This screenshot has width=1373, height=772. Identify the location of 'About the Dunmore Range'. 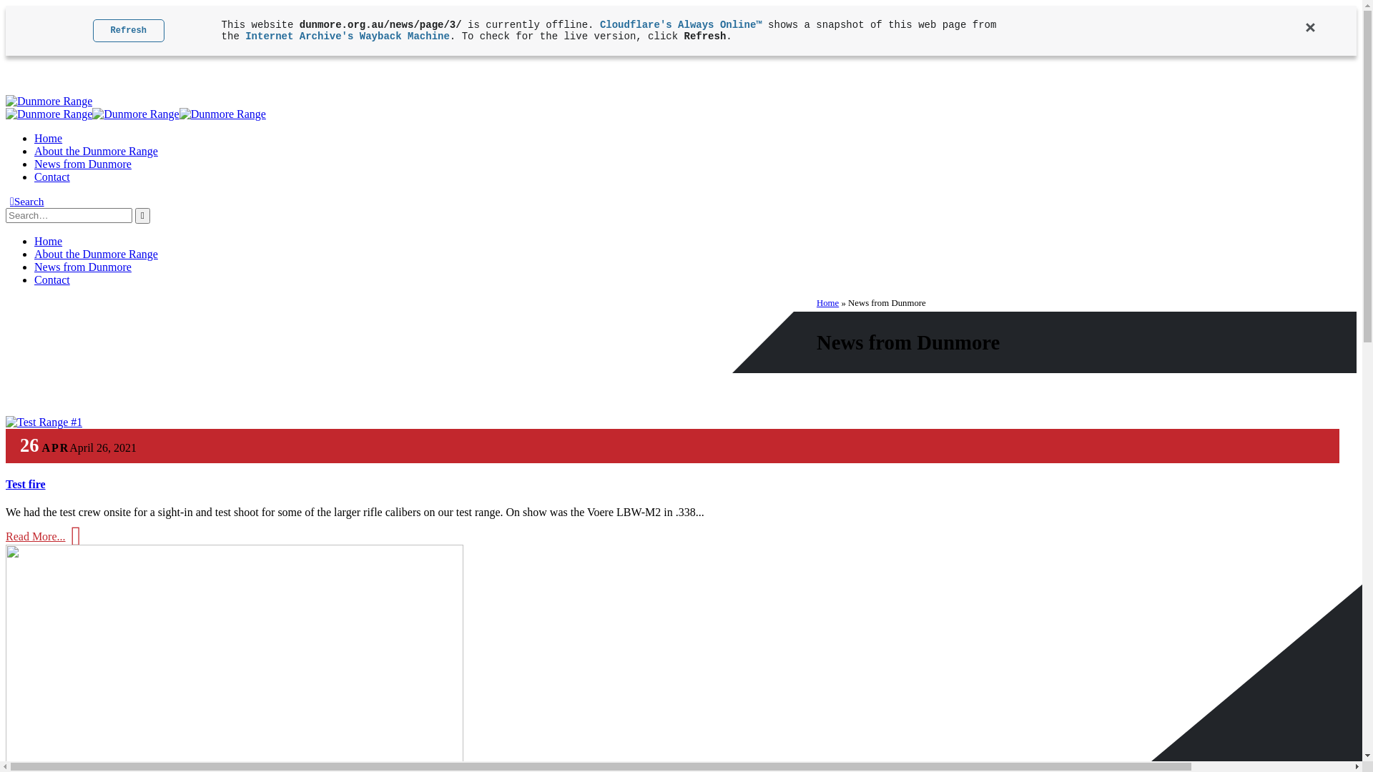
(95, 151).